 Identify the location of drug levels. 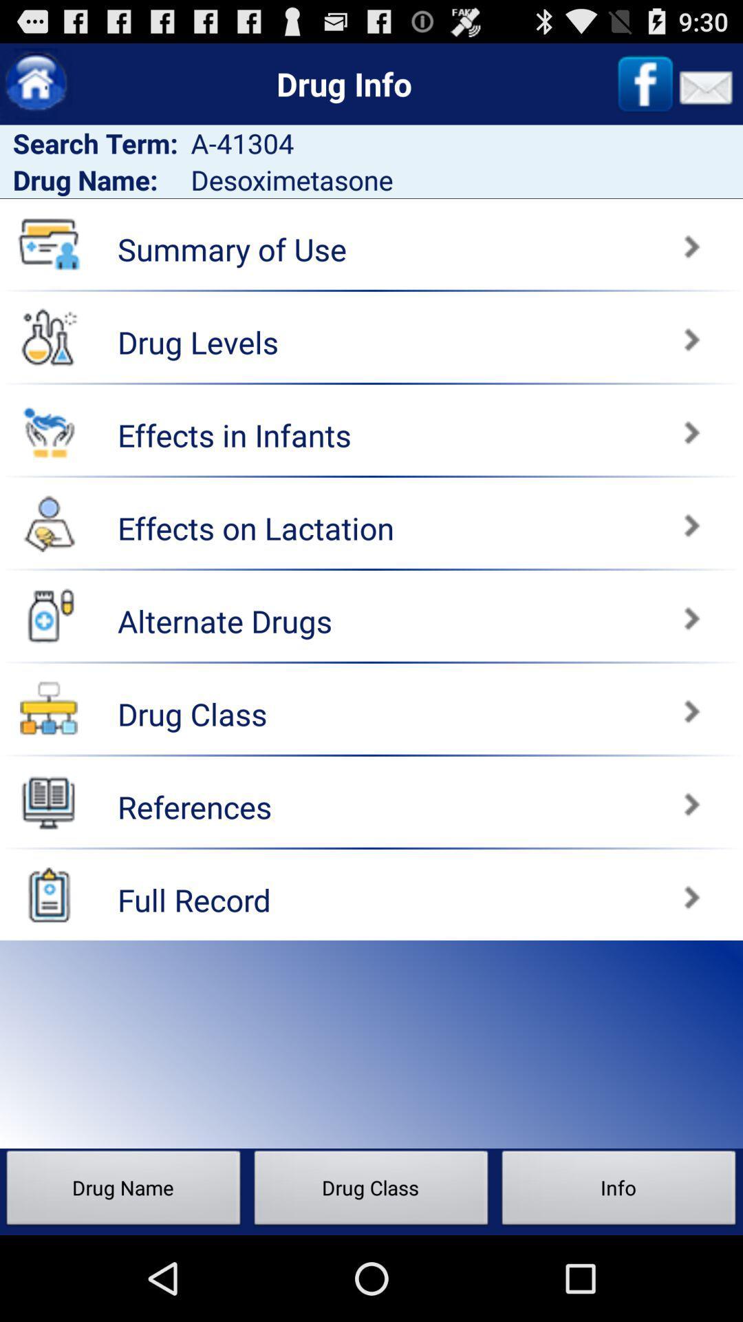
(48, 337).